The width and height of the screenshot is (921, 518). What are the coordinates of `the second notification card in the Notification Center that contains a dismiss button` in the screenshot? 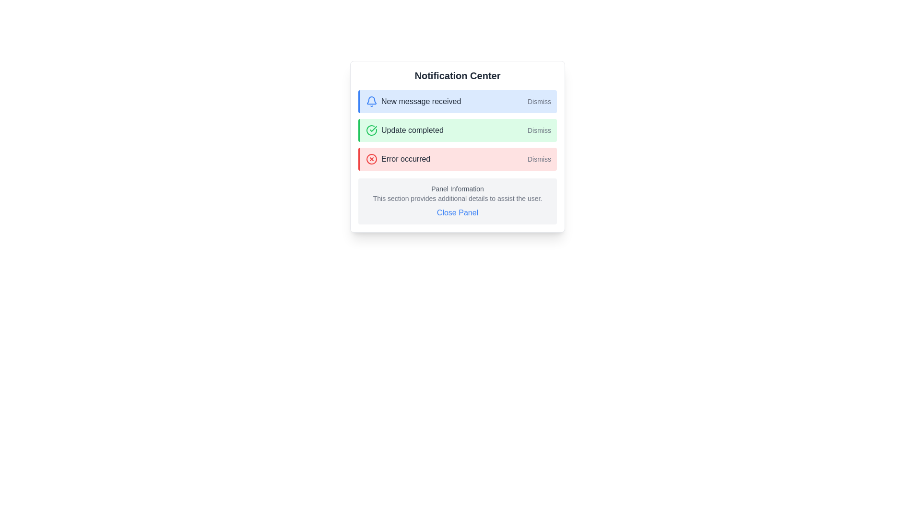 It's located at (457, 146).